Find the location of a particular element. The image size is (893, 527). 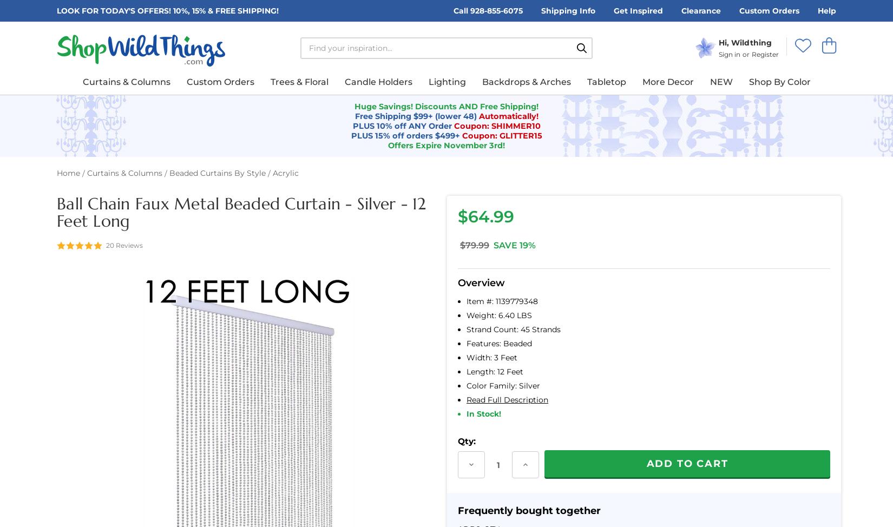

'Acrylic' is located at coordinates (285, 172).